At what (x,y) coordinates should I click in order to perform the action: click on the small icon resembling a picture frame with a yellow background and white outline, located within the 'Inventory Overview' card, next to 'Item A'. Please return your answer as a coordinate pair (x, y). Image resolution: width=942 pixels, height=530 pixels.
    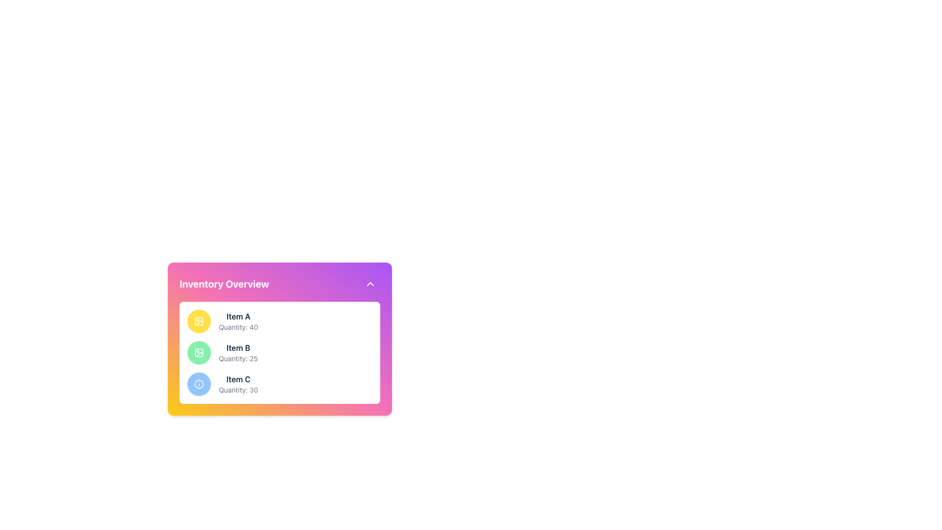
    Looking at the image, I should click on (199, 321).